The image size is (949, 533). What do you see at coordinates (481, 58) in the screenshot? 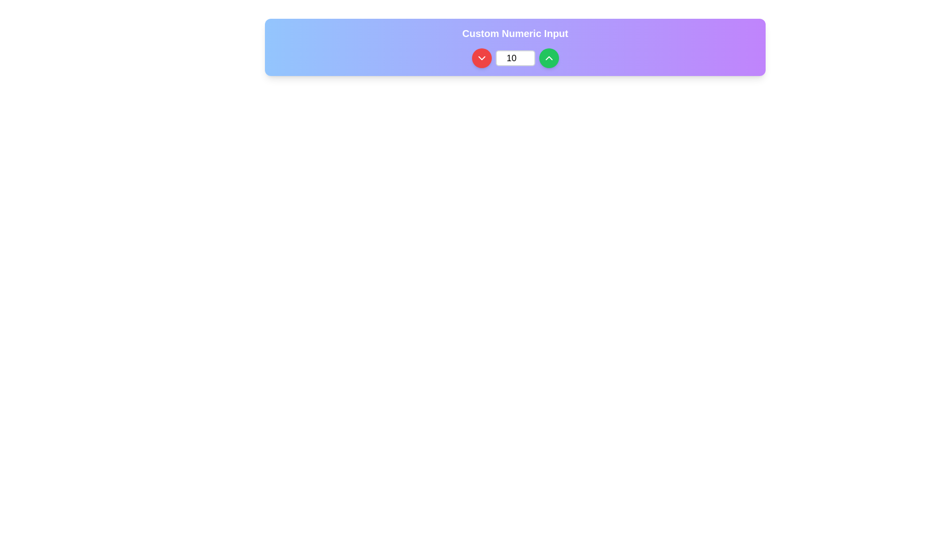
I see `the downward-pointing chevron icon with a red background and white foreground, located to the left of the numeric input box` at bounding box center [481, 58].